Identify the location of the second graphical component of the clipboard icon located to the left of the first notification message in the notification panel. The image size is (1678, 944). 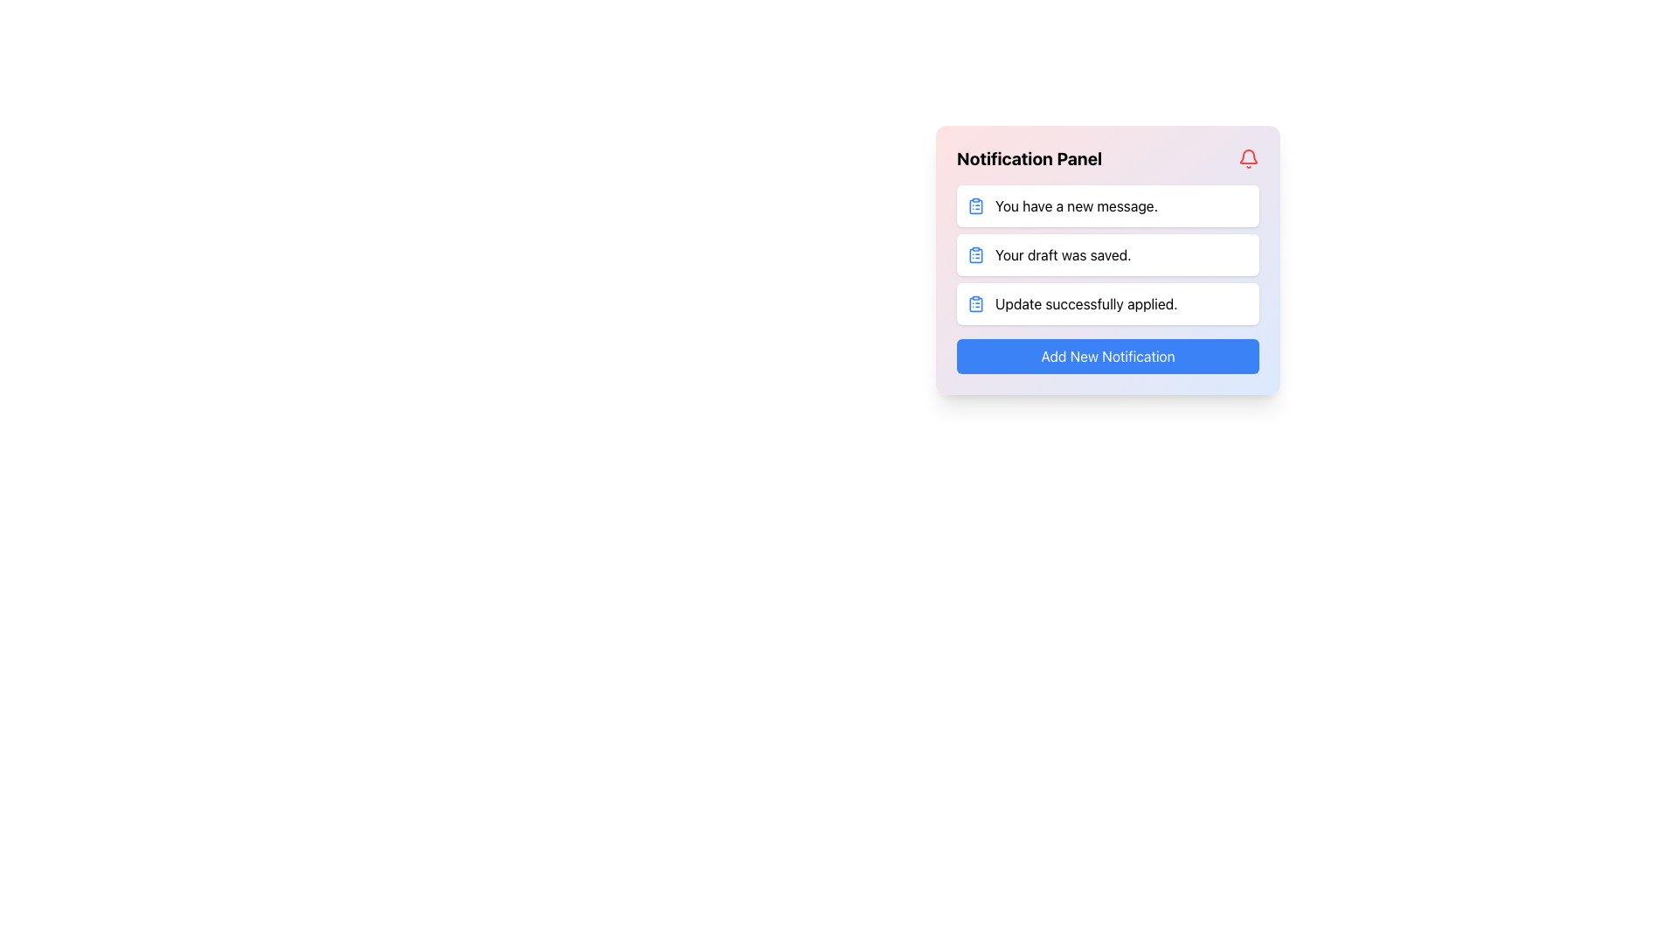
(975, 255).